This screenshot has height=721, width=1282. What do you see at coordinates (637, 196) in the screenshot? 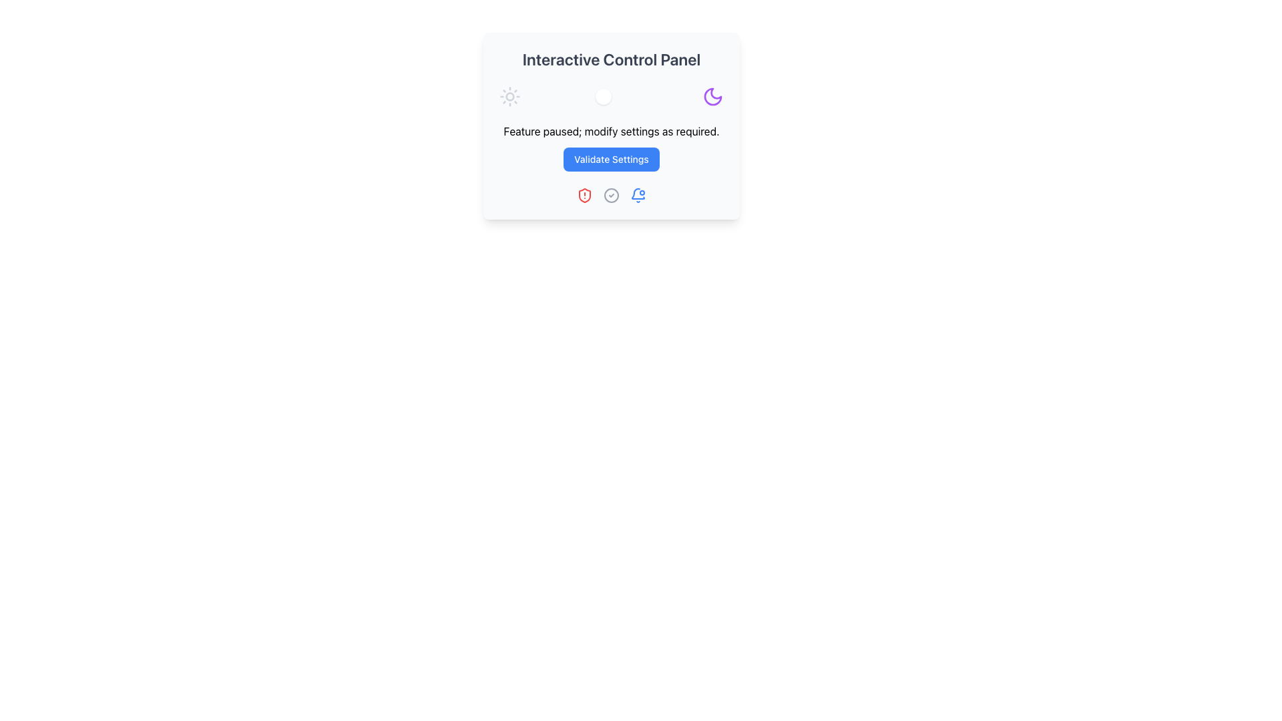
I see `the notification bell icon, which is the fourth circular icon in a horizontal row located below the 'Validate Settings' button` at bounding box center [637, 196].